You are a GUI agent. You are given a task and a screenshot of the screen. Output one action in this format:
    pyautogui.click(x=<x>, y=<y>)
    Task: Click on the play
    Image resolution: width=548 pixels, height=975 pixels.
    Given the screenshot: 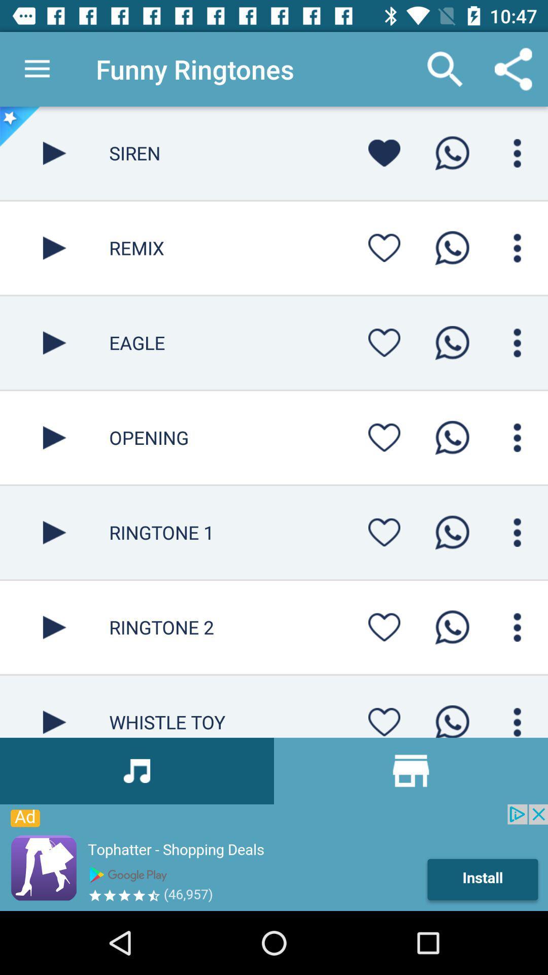 What is the action you would take?
    pyautogui.click(x=54, y=248)
    